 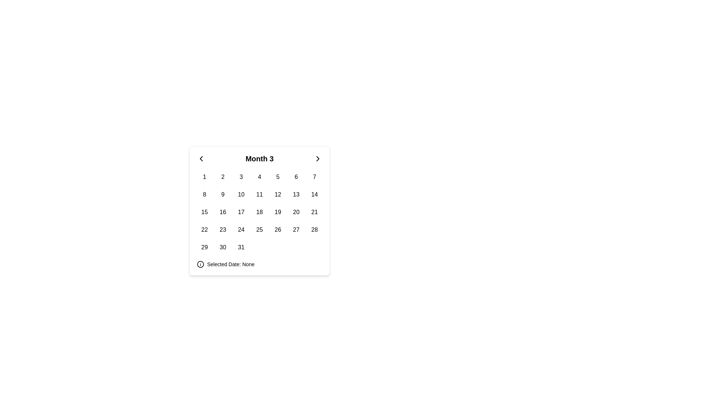 What do you see at coordinates (204, 194) in the screenshot?
I see `the square-shaped button with the number '8' in a bold sans-serif font, located in the second row and first column of the grid layout on the calendar interface` at bounding box center [204, 194].